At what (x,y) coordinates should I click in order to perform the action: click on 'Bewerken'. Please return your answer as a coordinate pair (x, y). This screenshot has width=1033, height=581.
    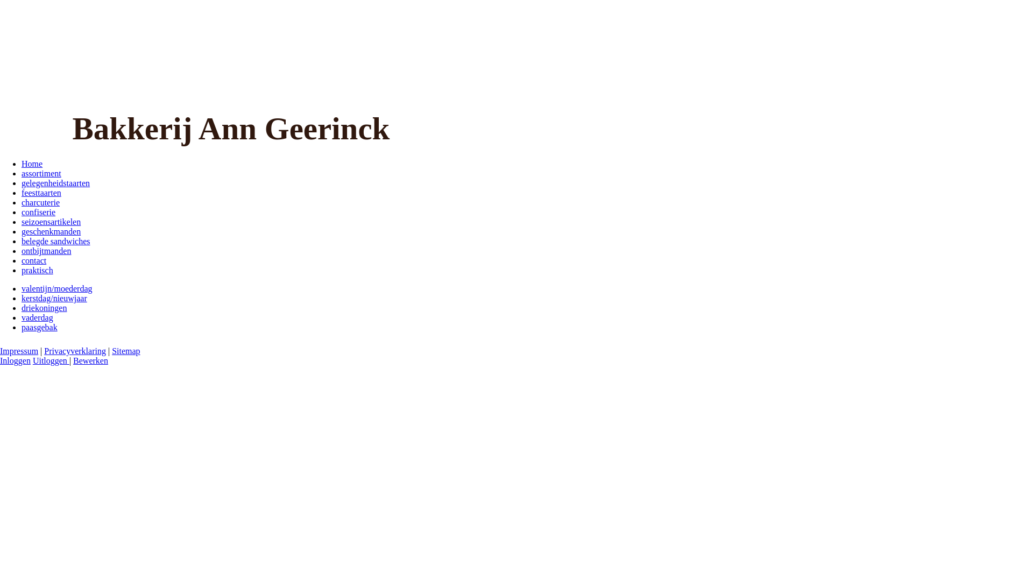
    Looking at the image, I should click on (90, 360).